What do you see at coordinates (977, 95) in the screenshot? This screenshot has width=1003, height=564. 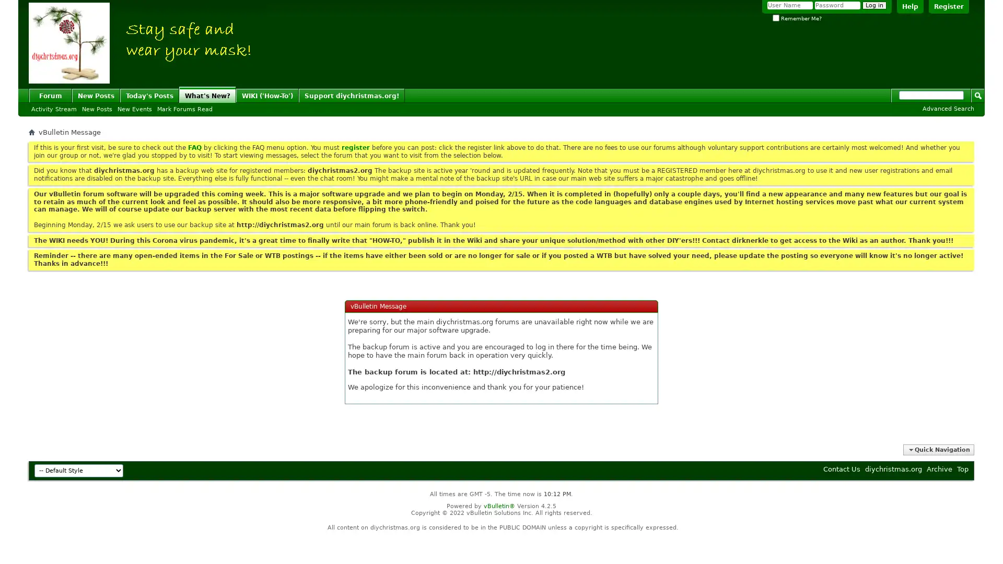 I see `Submit` at bounding box center [977, 95].